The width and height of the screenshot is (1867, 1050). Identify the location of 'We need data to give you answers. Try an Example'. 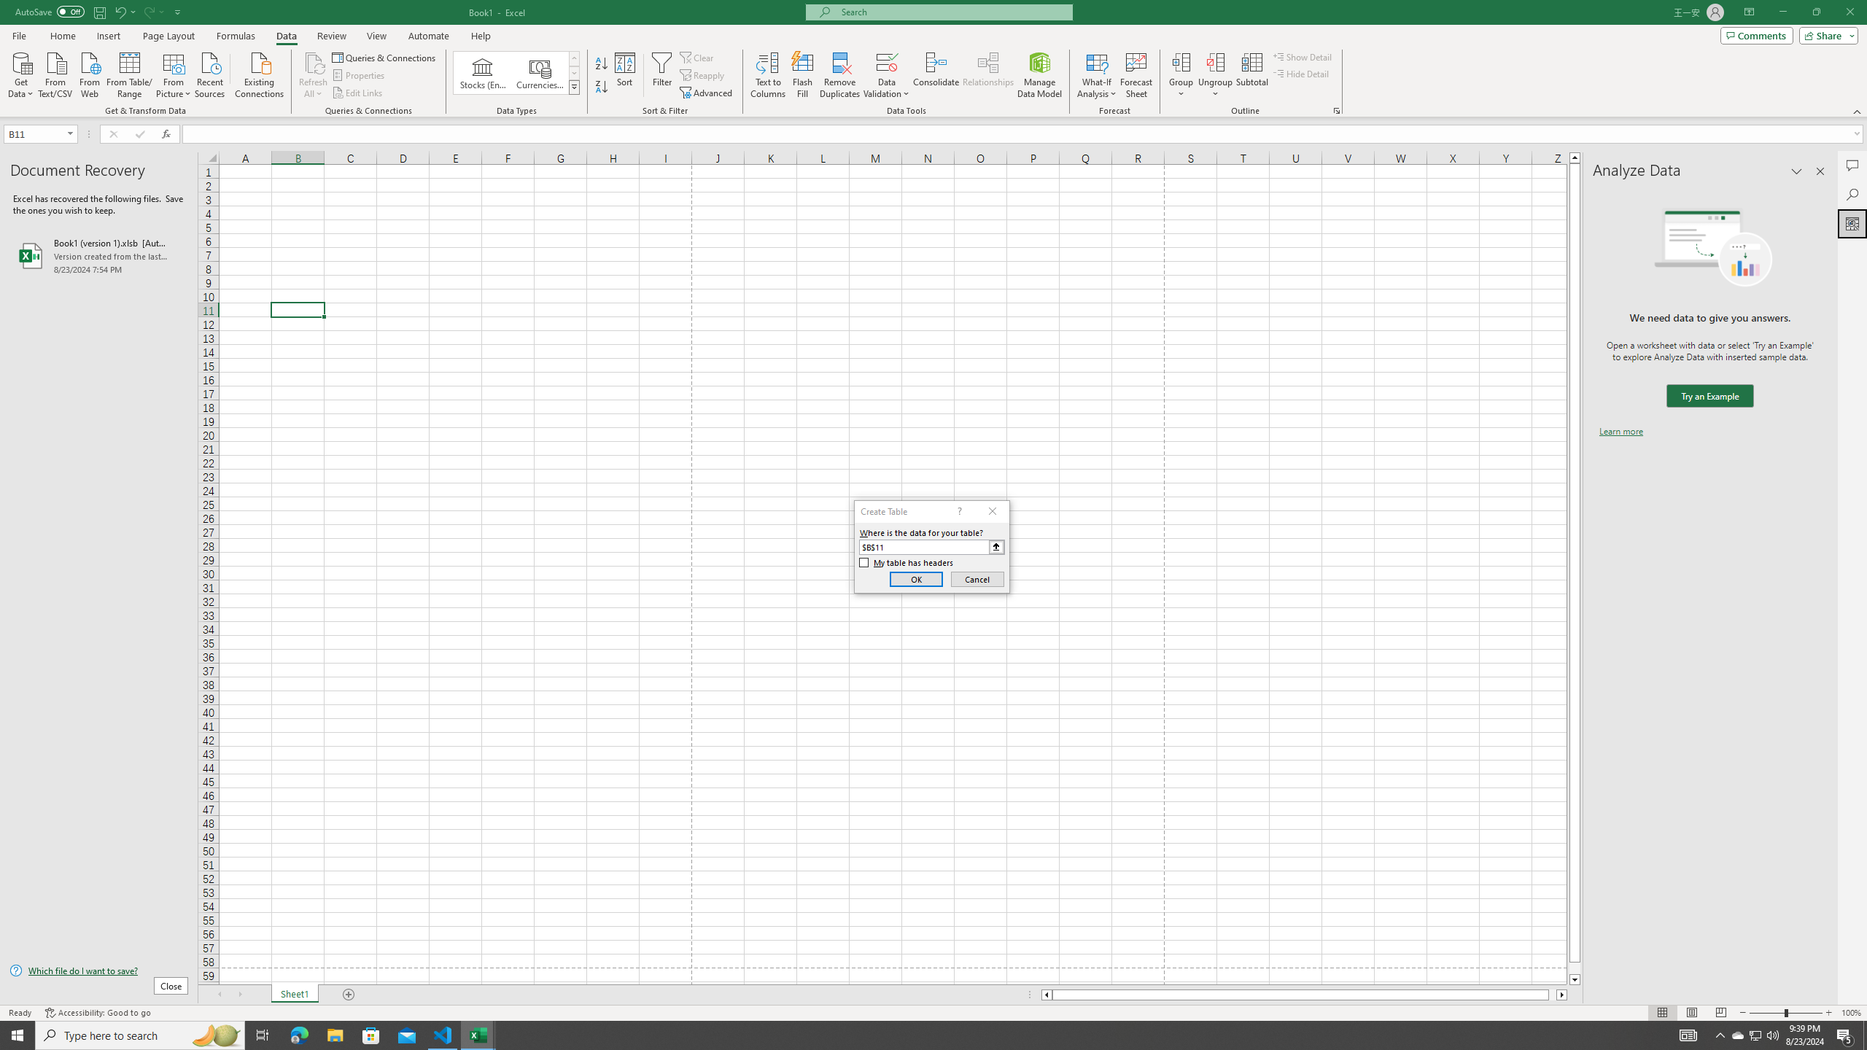
(1709, 396).